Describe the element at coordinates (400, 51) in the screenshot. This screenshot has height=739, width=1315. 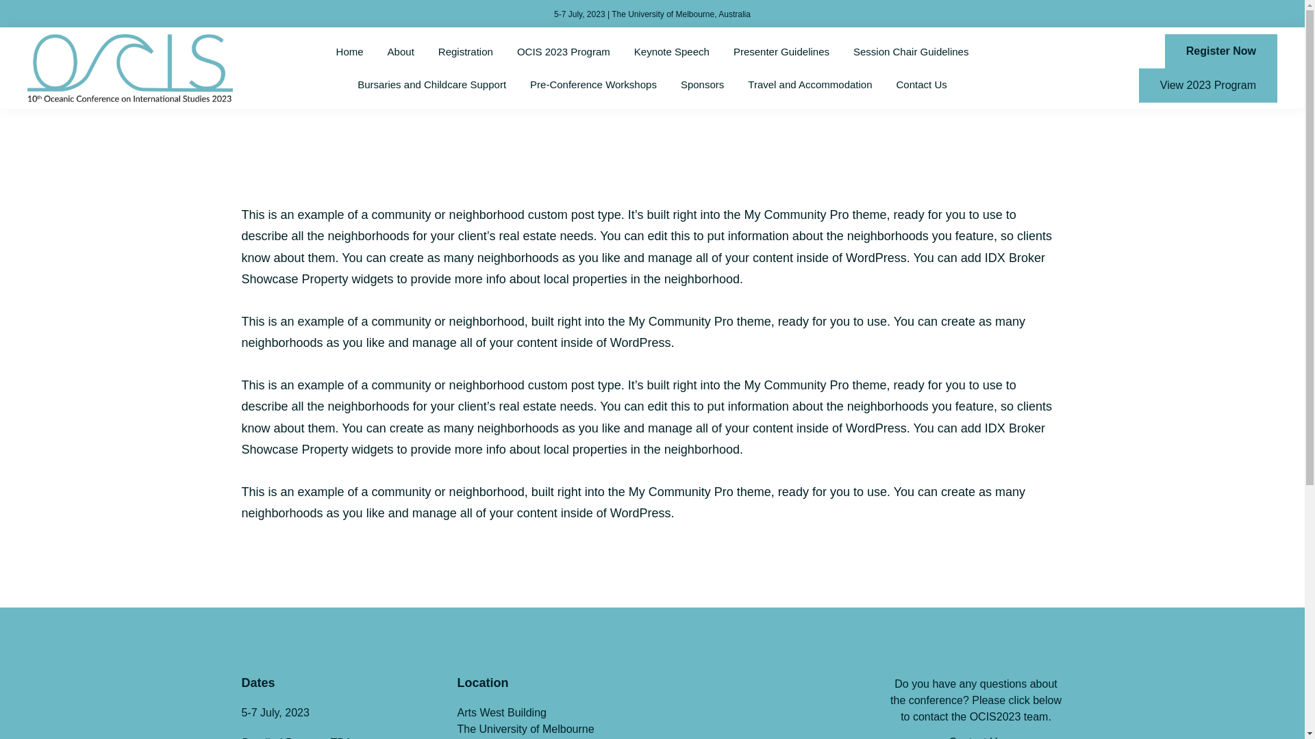
I see `'About'` at that location.